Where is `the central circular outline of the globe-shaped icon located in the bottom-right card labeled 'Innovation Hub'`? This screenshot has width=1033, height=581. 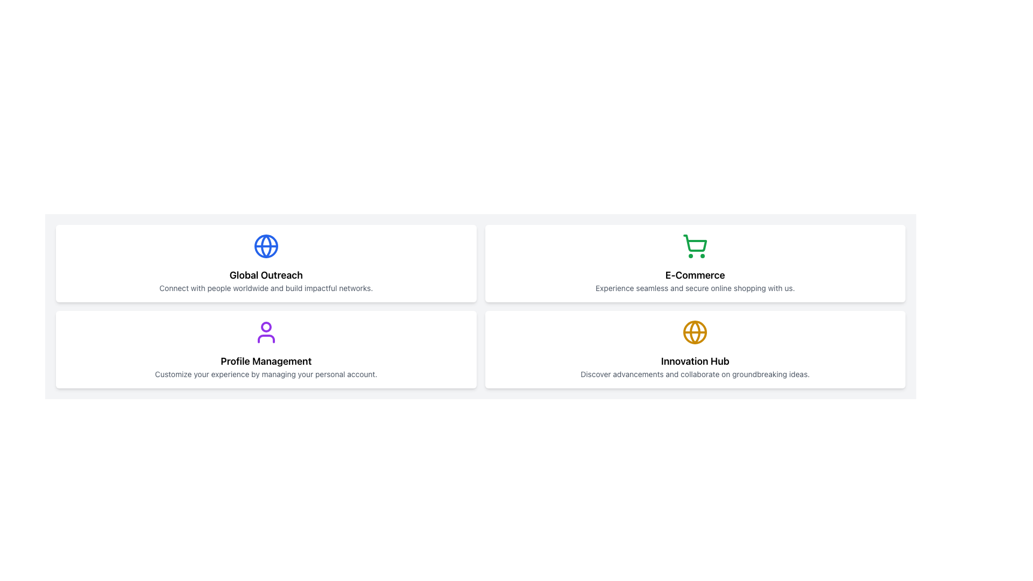 the central circular outline of the globe-shaped icon located in the bottom-right card labeled 'Innovation Hub' is located at coordinates (695, 331).